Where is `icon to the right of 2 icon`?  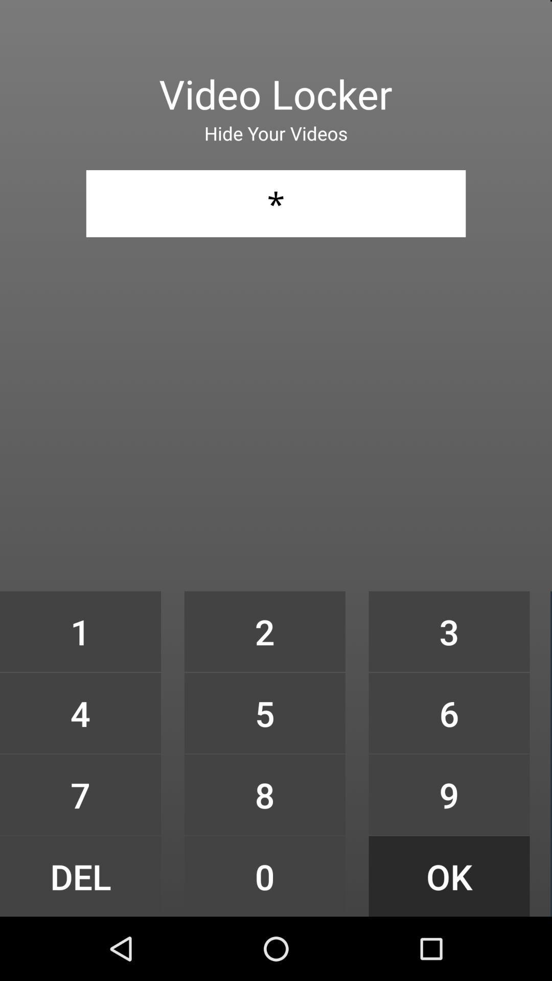
icon to the right of 2 icon is located at coordinates (449, 631).